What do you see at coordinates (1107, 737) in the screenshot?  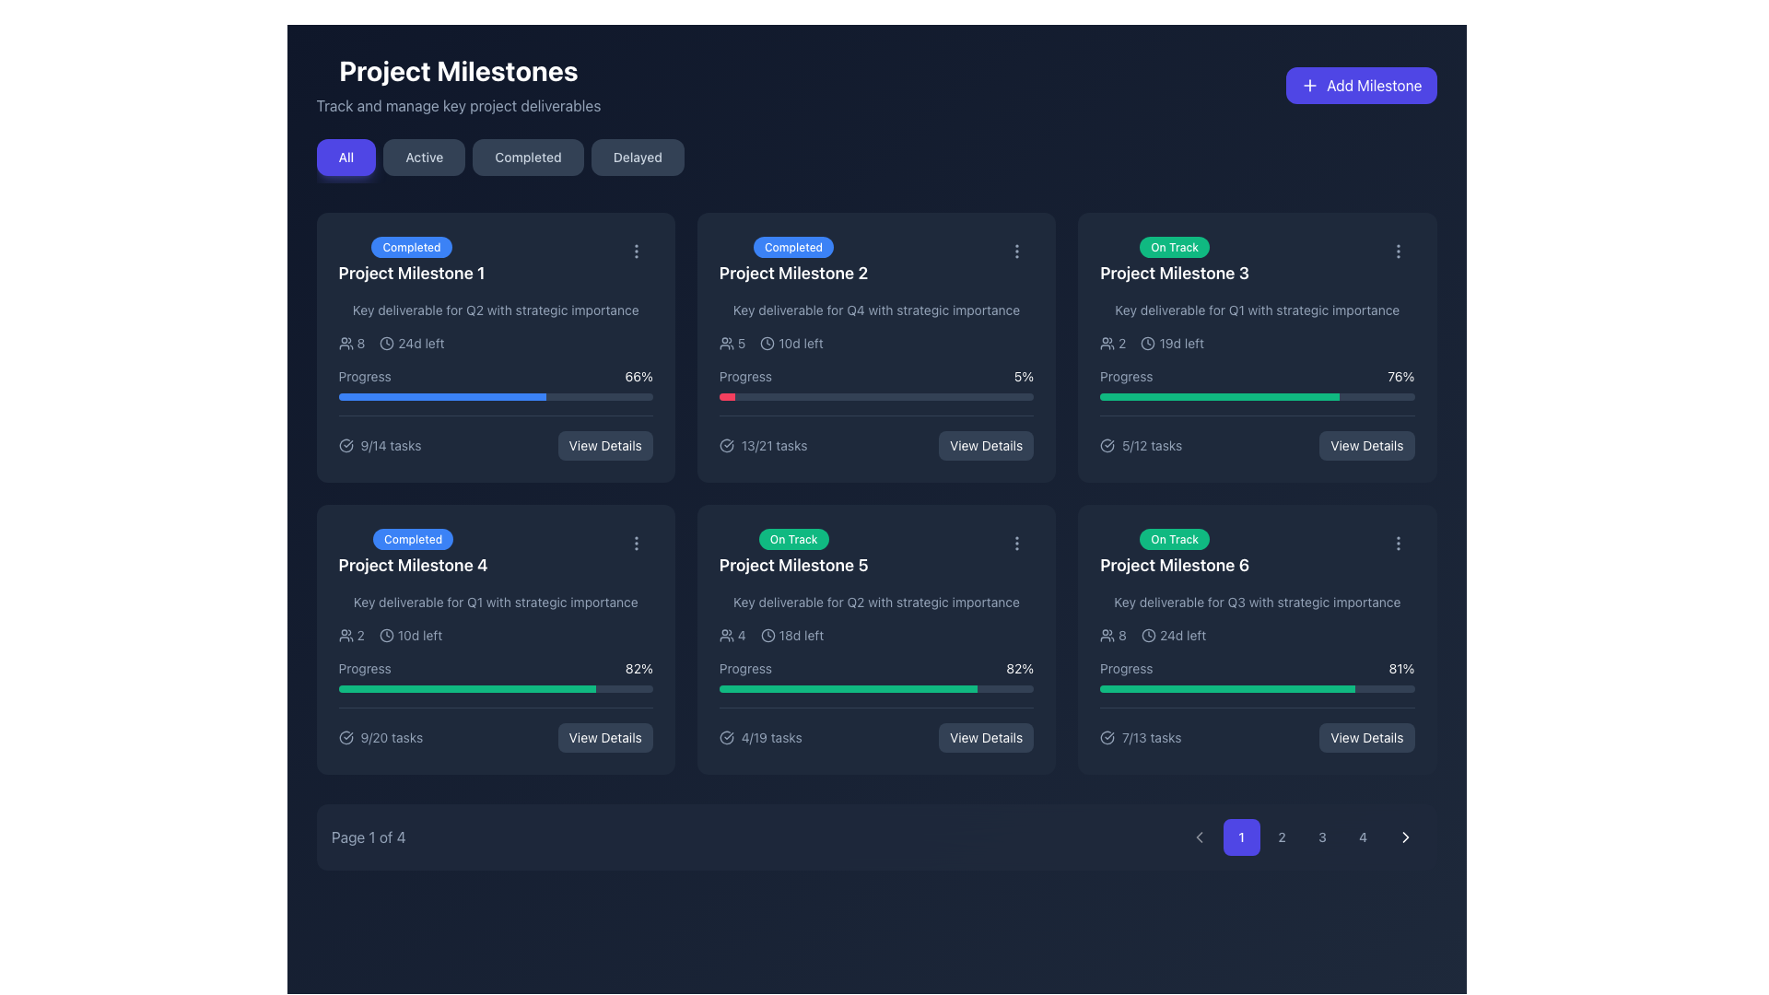 I see `the circular outline of the checkmark icon located at the bottom-right of the 'Project Milestone 6' card, adjacent to the '7/13 tasks' text` at bounding box center [1107, 737].